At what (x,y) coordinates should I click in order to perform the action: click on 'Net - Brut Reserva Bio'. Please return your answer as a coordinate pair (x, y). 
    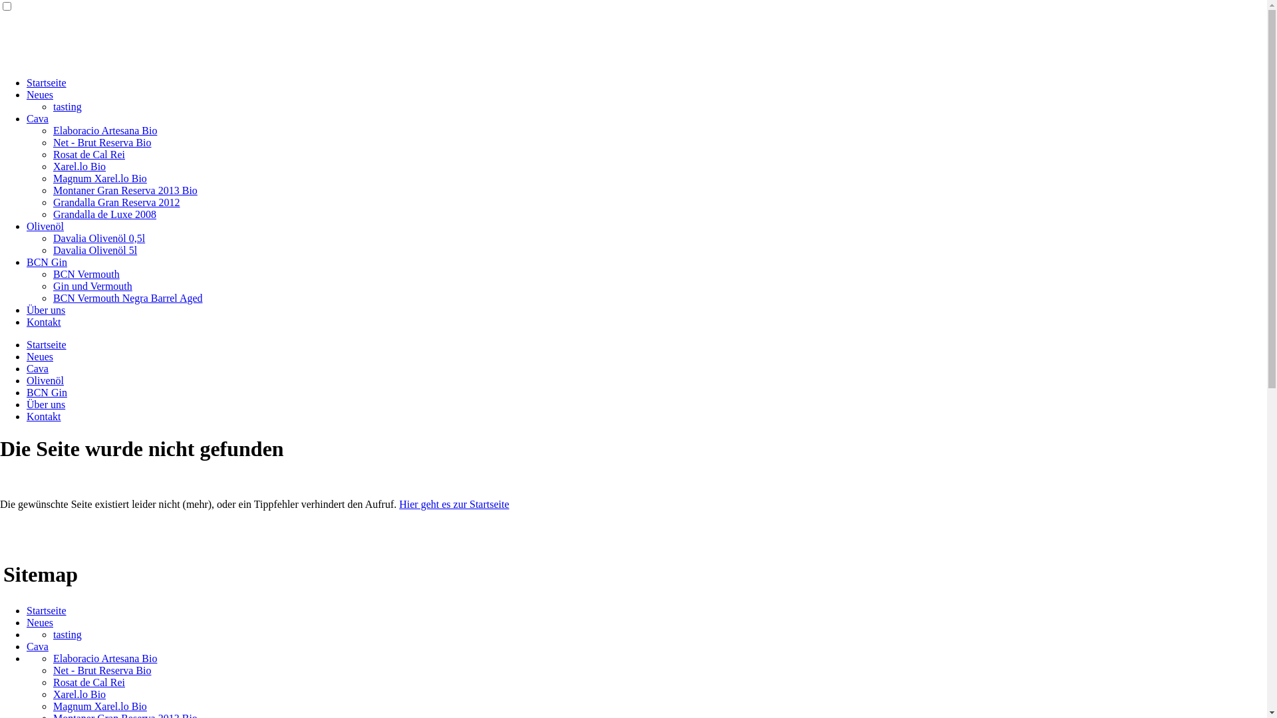
    Looking at the image, I should click on (53, 670).